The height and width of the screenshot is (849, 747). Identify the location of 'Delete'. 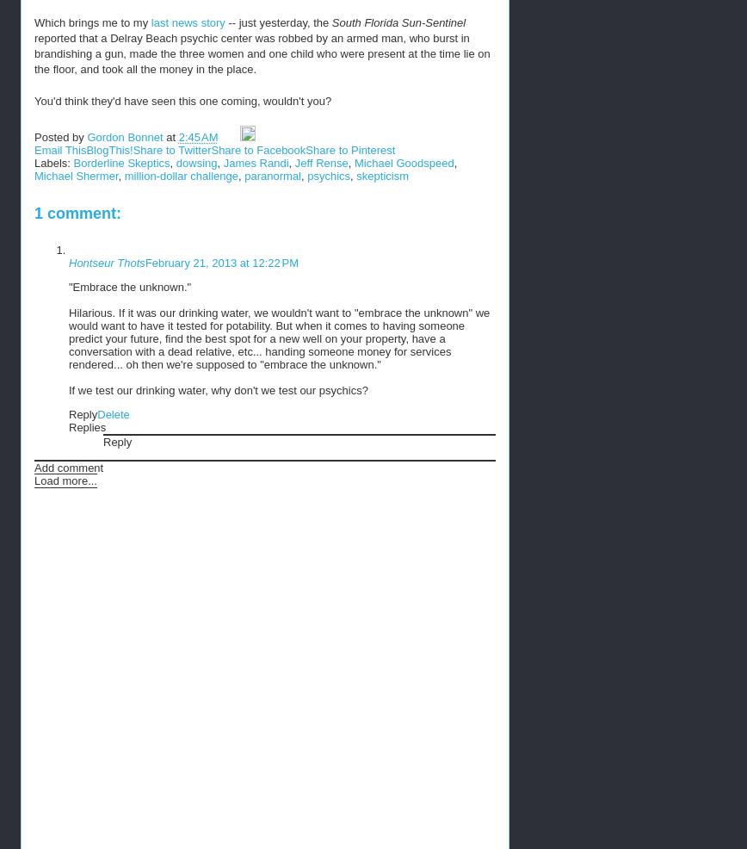
(113, 414).